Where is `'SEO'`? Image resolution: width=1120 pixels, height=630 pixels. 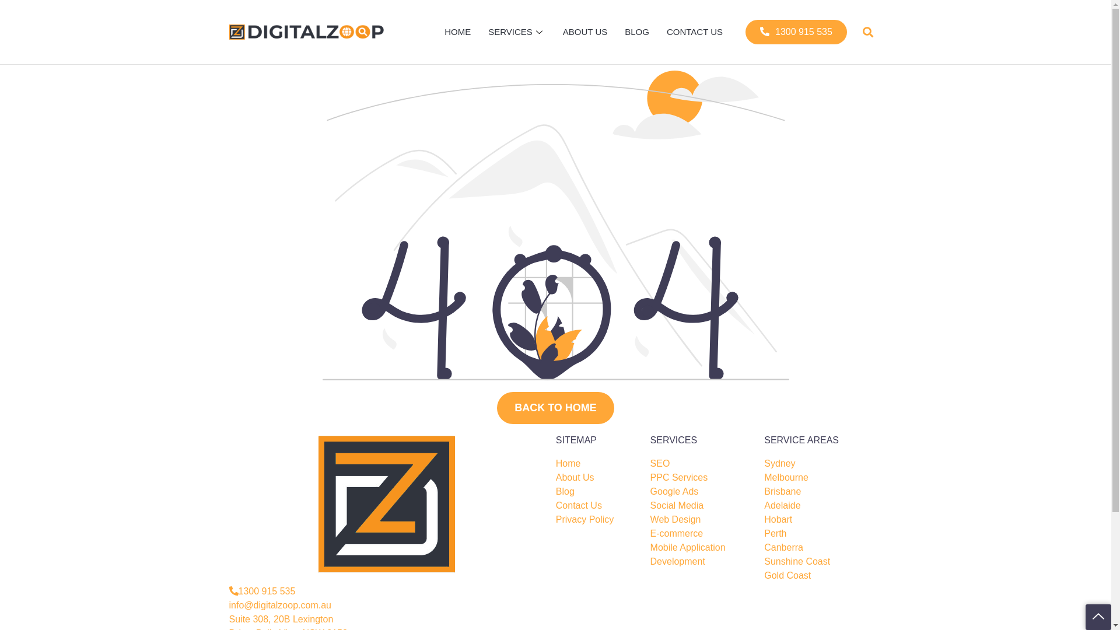 'SEO' is located at coordinates (660, 463).